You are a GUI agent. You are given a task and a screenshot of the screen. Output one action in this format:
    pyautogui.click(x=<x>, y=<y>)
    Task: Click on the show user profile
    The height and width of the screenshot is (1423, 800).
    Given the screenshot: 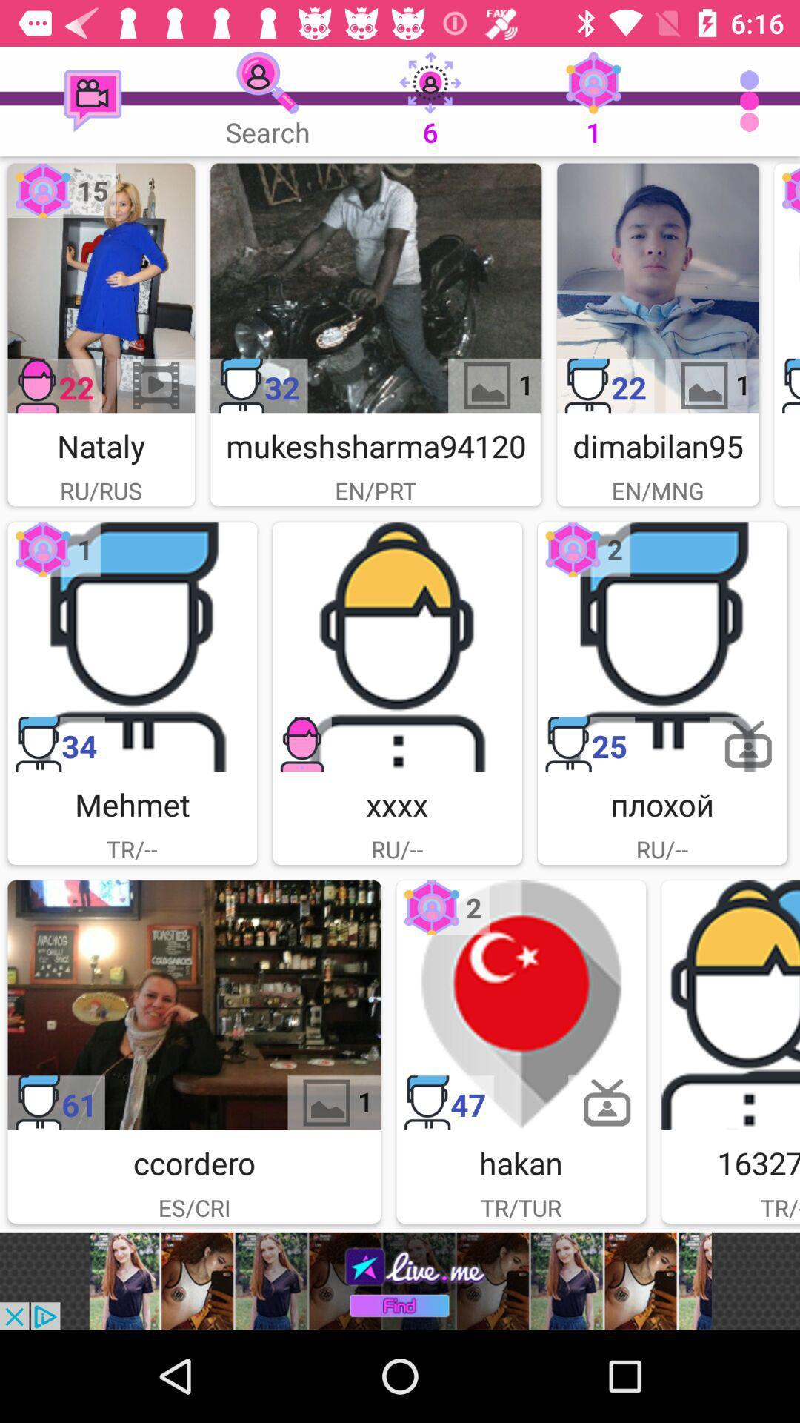 What is the action you would take?
    pyautogui.click(x=375, y=288)
    